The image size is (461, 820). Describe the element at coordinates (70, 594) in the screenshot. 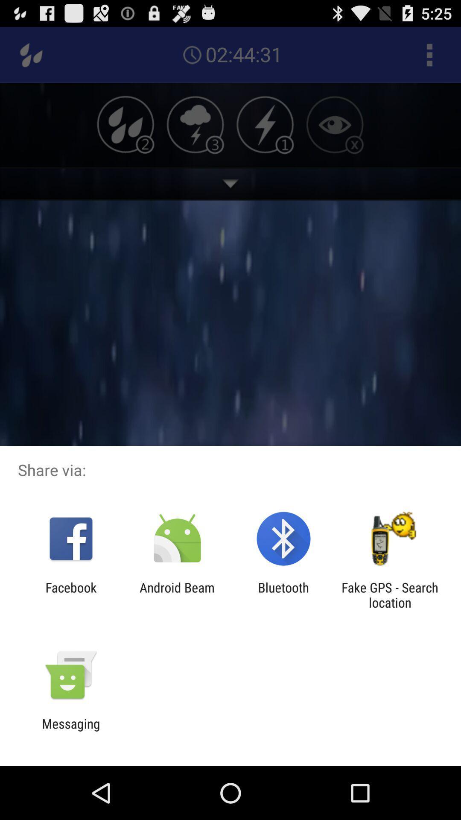

I see `the facebook` at that location.